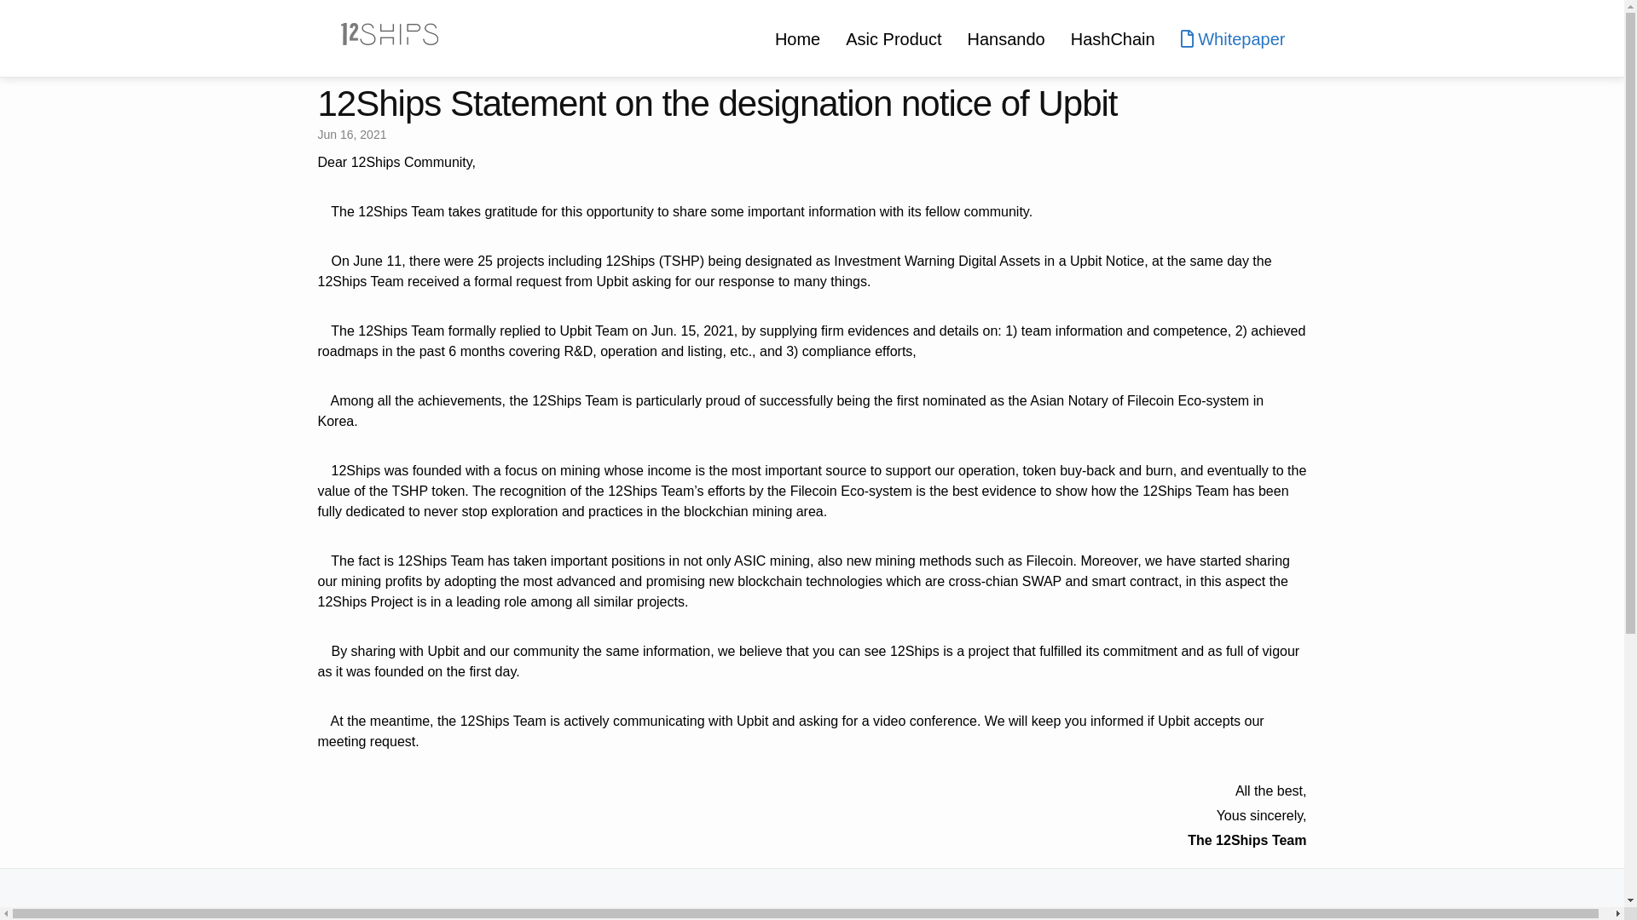 This screenshot has width=1637, height=920. What do you see at coordinates (1006, 38) in the screenshot?
I see `'Hansando'` at bounding box center [1006, 38].